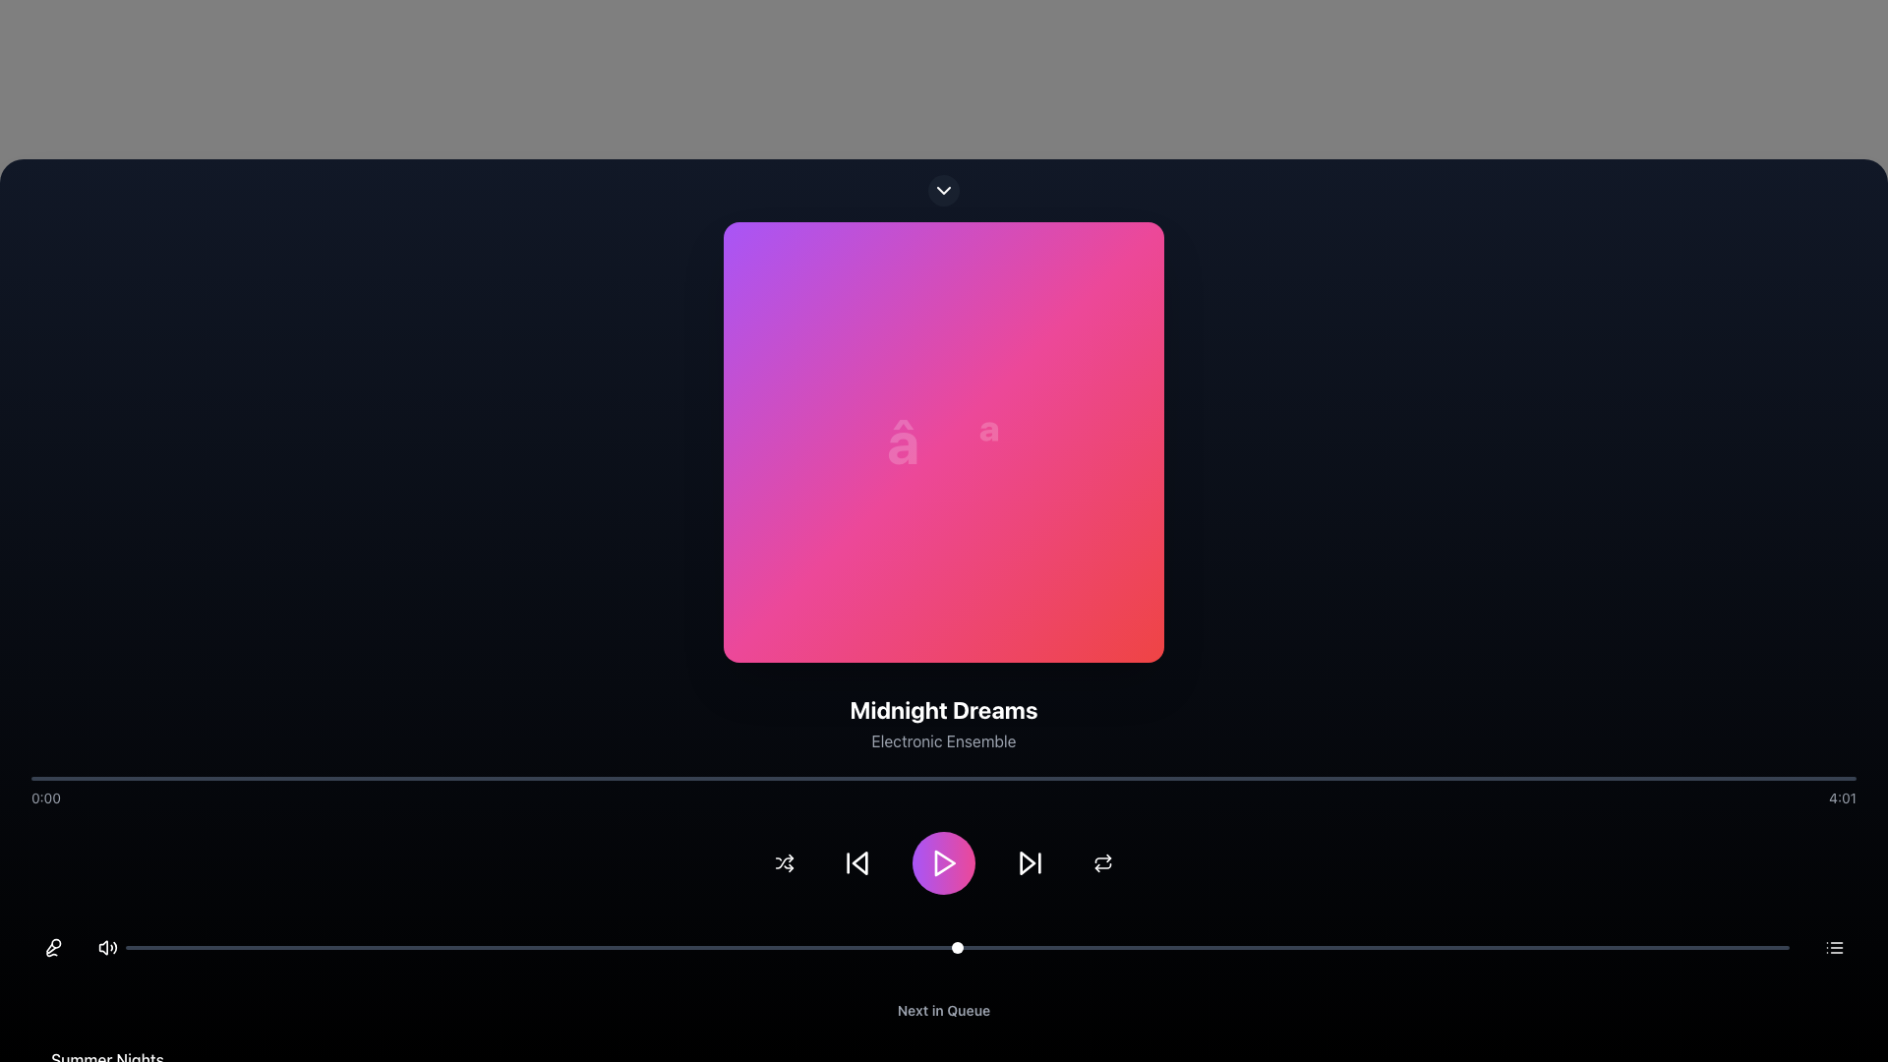 The width and height of the screenshot is (1888, 1062). What do you see at coordinates (1107, 947) in the screenshot?
I see `the timeline position` at bounding box center [1107, 947].